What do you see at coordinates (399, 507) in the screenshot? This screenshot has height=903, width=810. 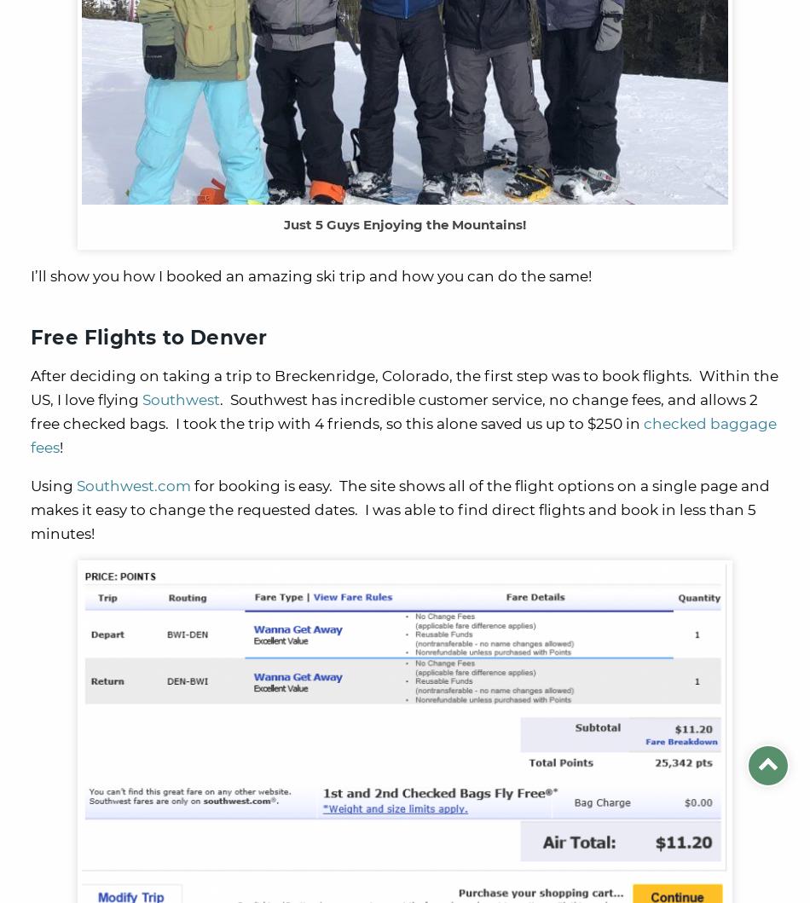 I see `'for booking is easy.  The site shows all of the flight options on a single page and makes it easy to change the requested dates.  I was able to find direct flights and book in less than 5 minutes!'` at bounding box center [399, 507].